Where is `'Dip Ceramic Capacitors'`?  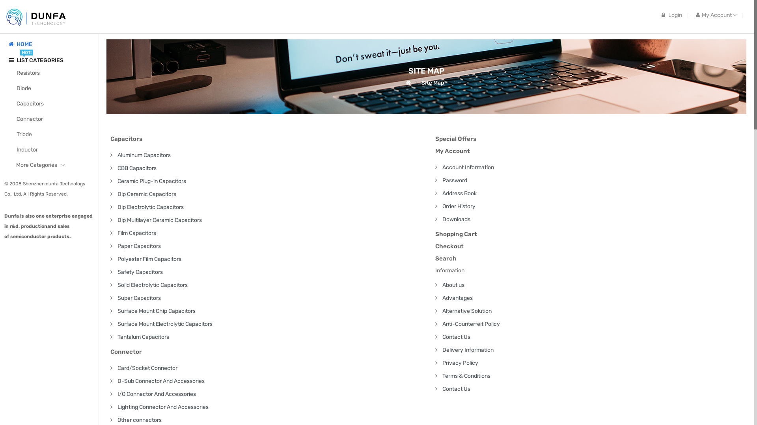 'Dip Ceramic Capacitors' is located at coordinates (117, 194).